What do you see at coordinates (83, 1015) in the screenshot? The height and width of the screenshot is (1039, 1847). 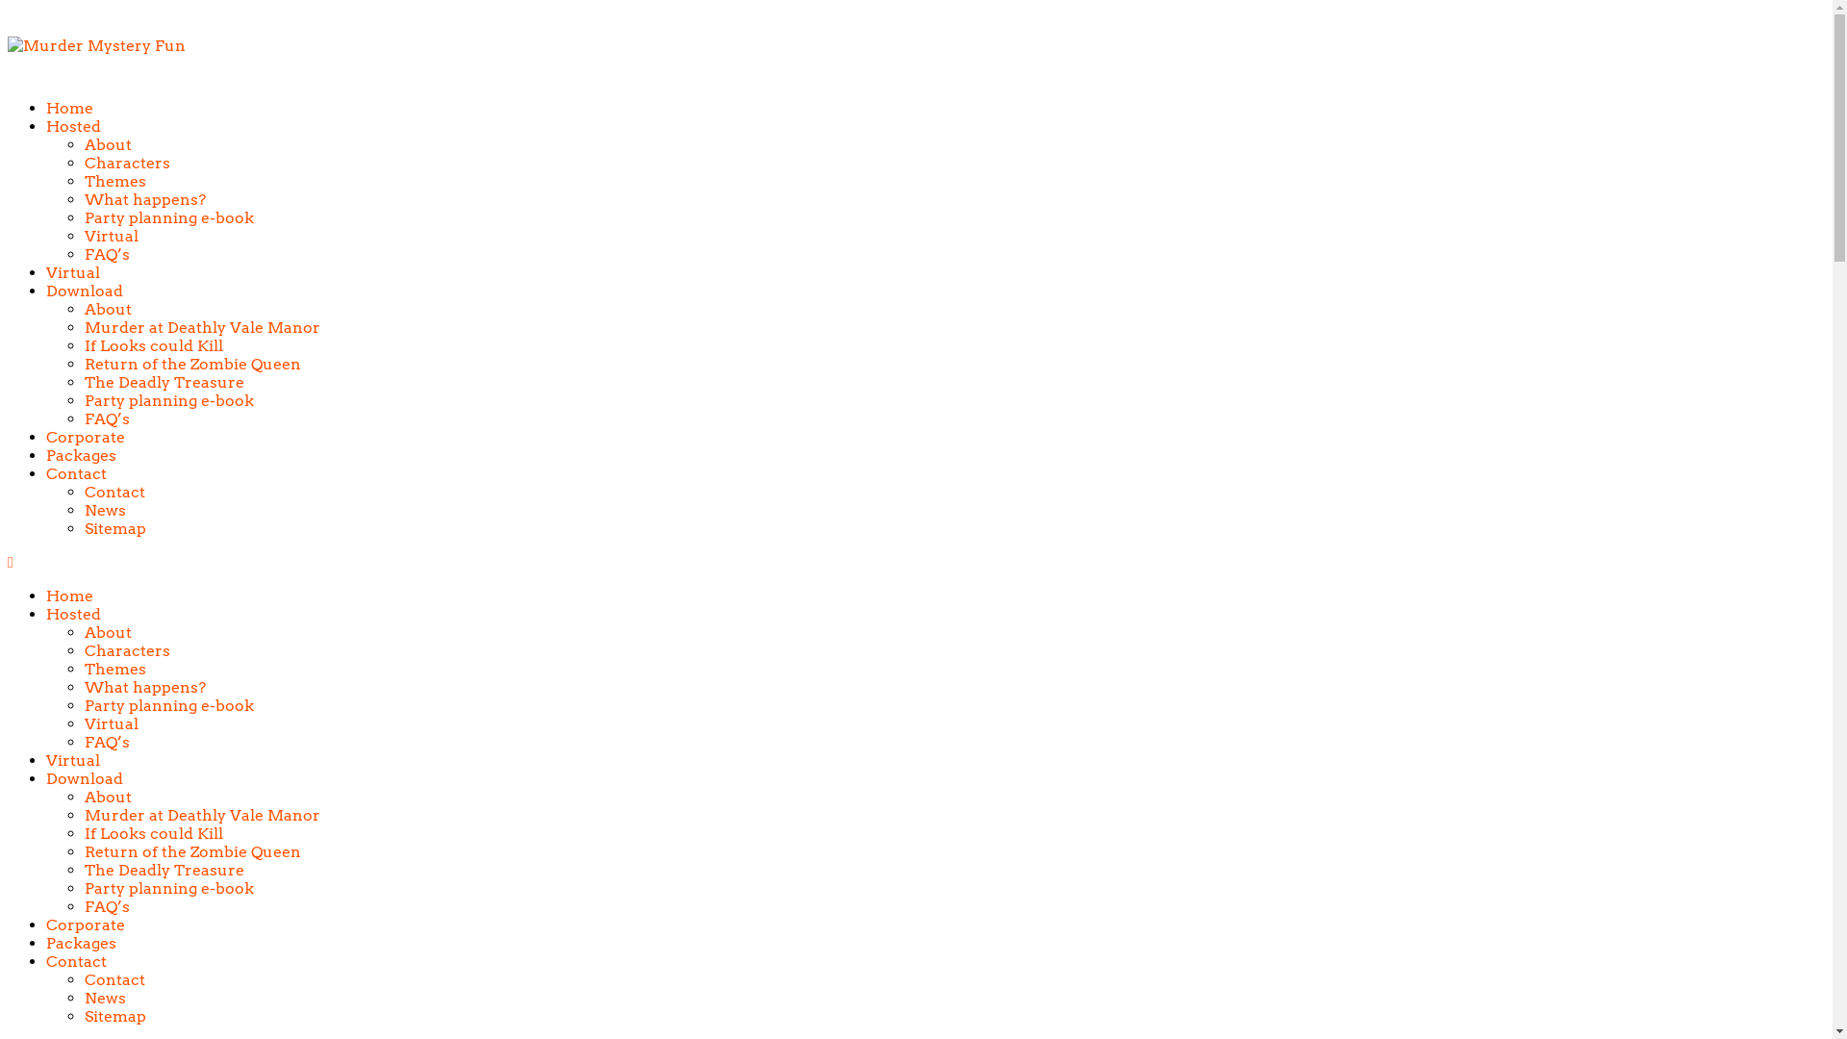 I see `'Sitemap'` at bounding box center [83, 1015].